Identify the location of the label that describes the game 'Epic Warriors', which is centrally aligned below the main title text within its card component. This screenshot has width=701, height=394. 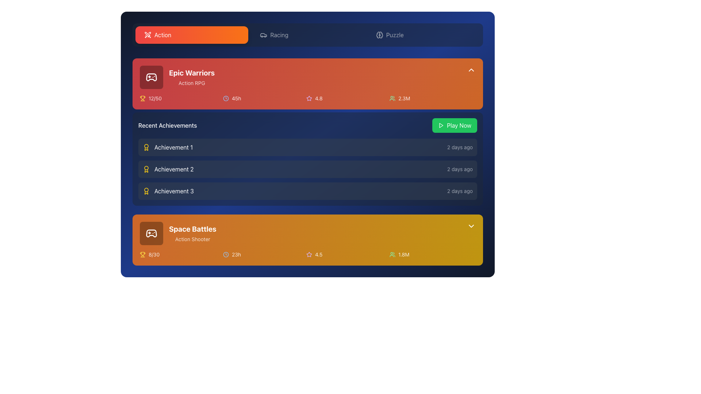
(192, 82).